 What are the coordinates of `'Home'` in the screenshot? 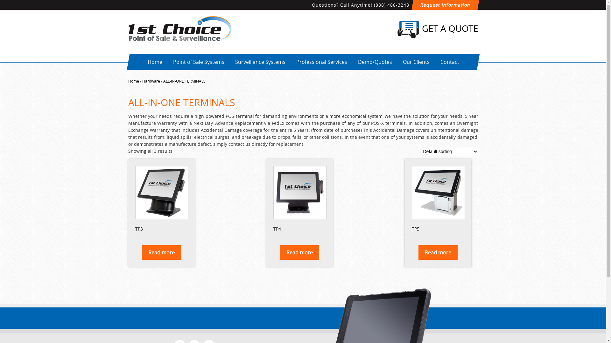 It's located at (154, 62).